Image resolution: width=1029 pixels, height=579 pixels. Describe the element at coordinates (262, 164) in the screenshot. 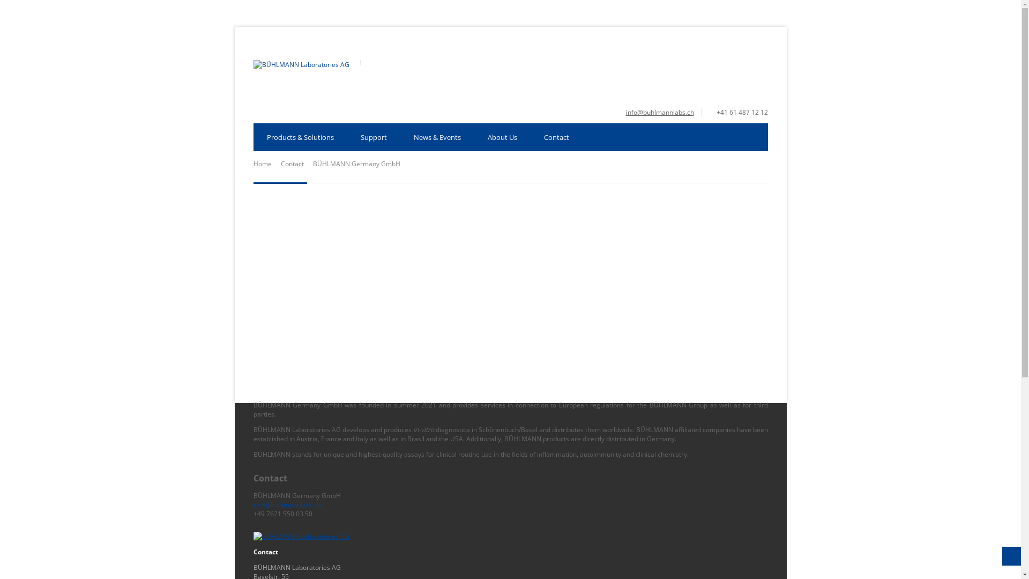

I see `'Home'` at that location.